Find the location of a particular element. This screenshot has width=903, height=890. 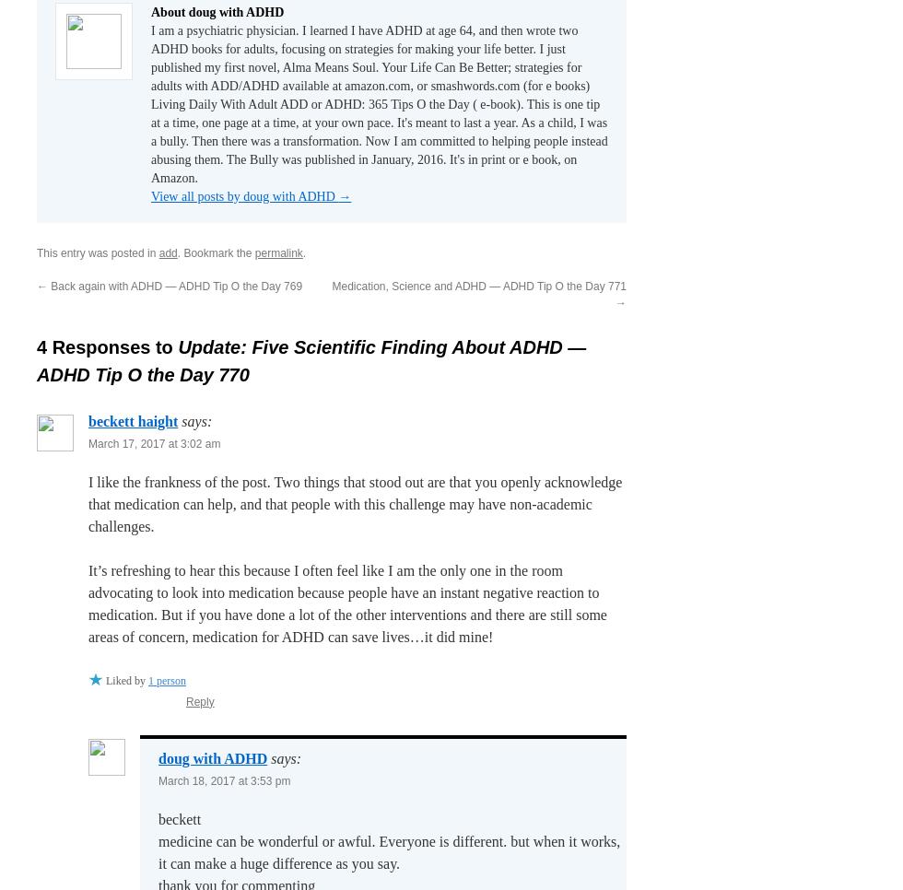

'beckett' is located at coordinates (180, 818).